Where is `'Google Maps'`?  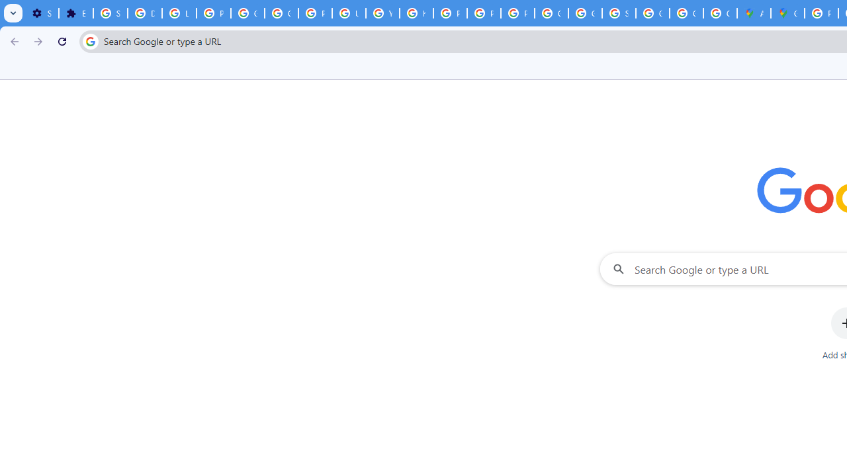 'Google Maps' is located at coordinates (787, 13).